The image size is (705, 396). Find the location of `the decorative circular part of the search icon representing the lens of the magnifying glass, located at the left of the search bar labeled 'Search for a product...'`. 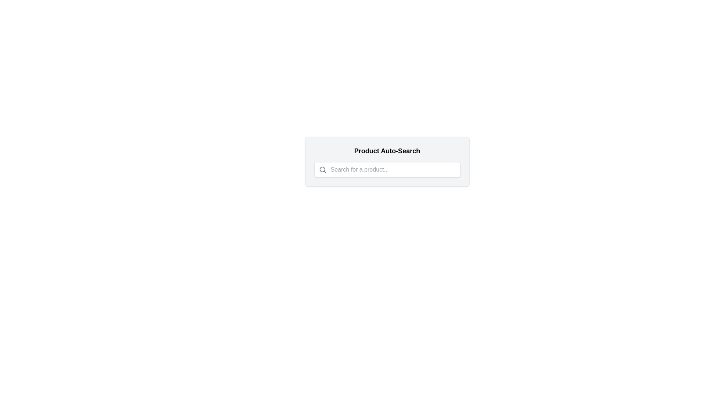

the decorative circular part of the search icon representing the lens of the magnifying glass, located at the left of the search bar labeled 'Search for a product...' is located at coordinates (322, 169).